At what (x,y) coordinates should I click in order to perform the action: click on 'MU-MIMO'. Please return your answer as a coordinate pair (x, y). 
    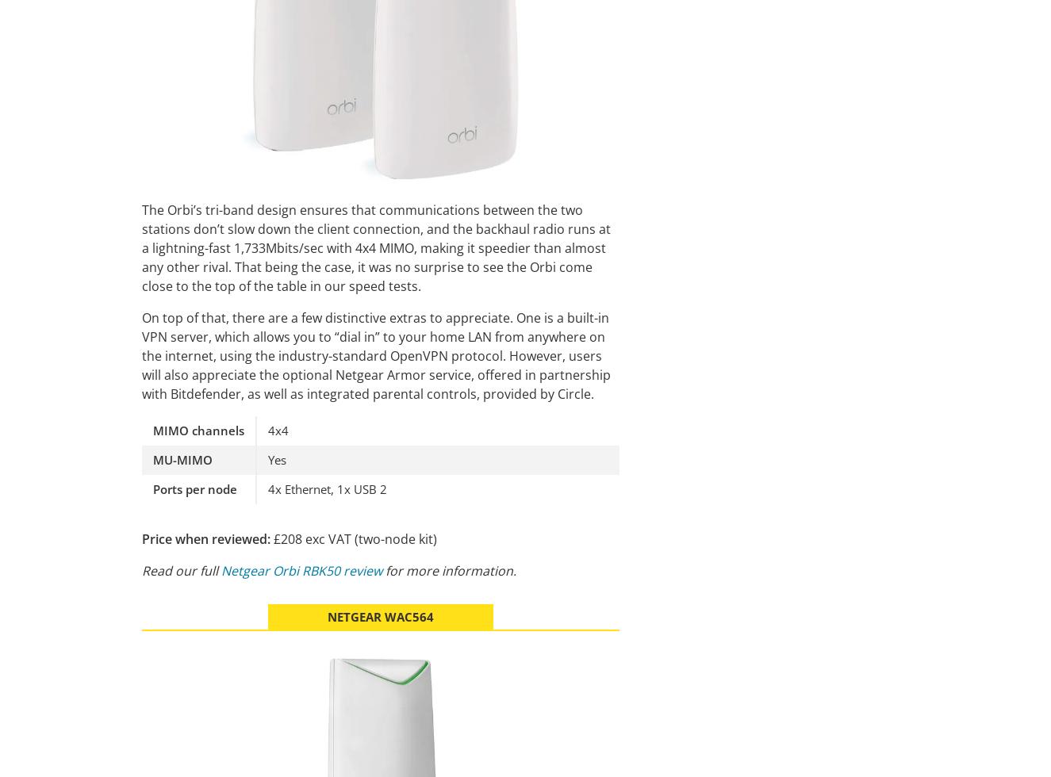
    Looking at the image, I should click on (182, 458).